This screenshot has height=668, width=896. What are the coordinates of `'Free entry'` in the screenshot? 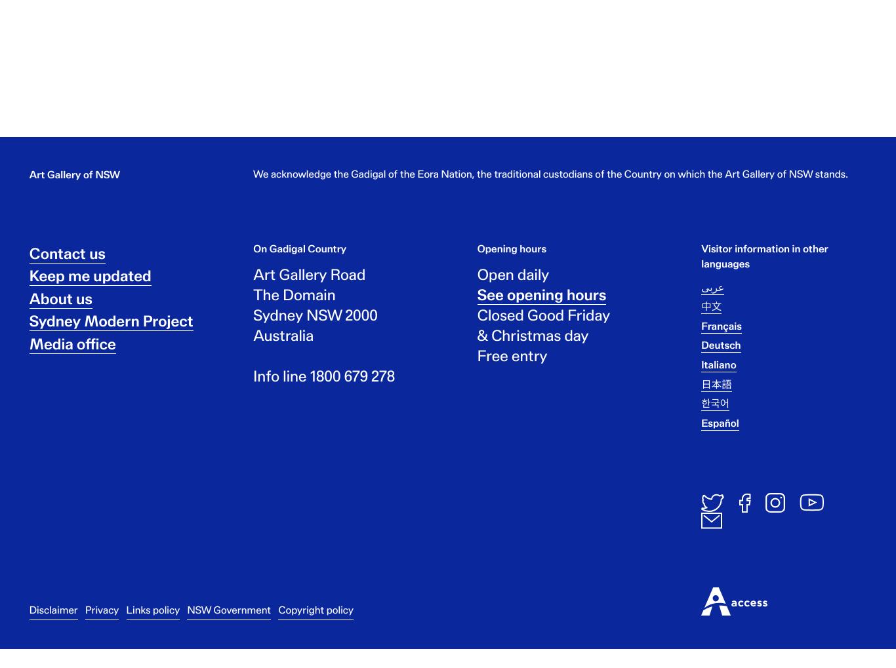 It's located at (512, 366).